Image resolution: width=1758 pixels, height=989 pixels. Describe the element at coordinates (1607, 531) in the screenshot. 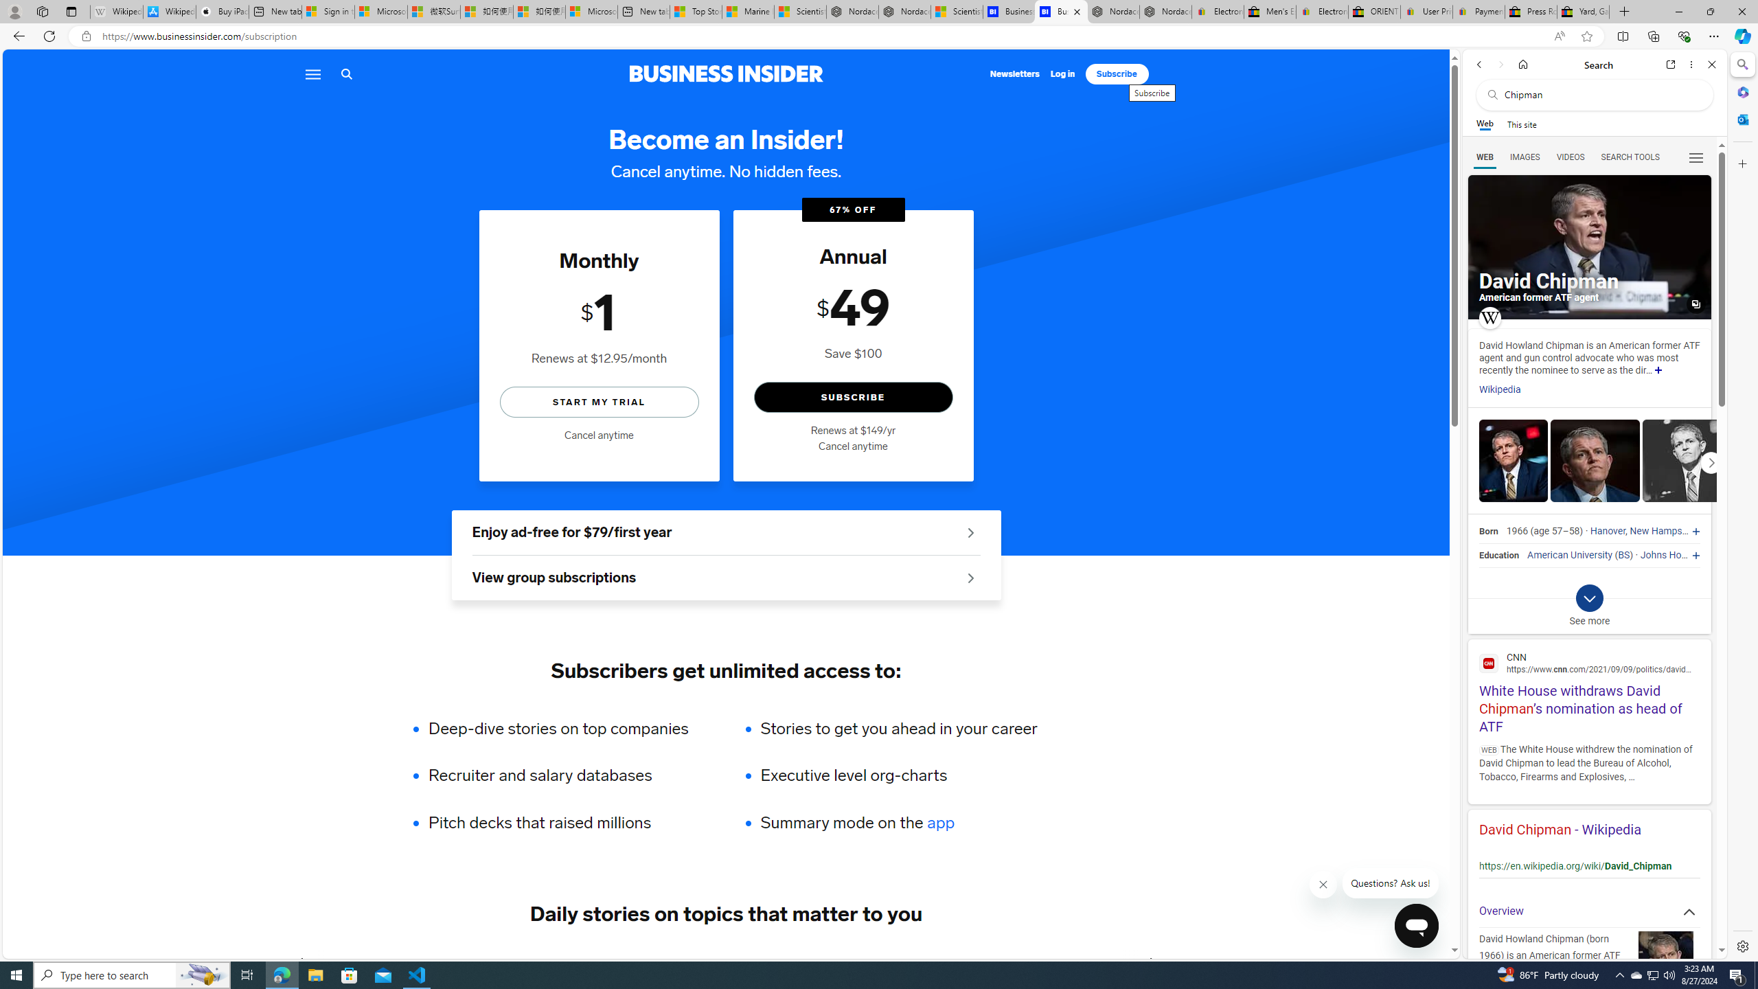

I see `'Hanover'` at that location.